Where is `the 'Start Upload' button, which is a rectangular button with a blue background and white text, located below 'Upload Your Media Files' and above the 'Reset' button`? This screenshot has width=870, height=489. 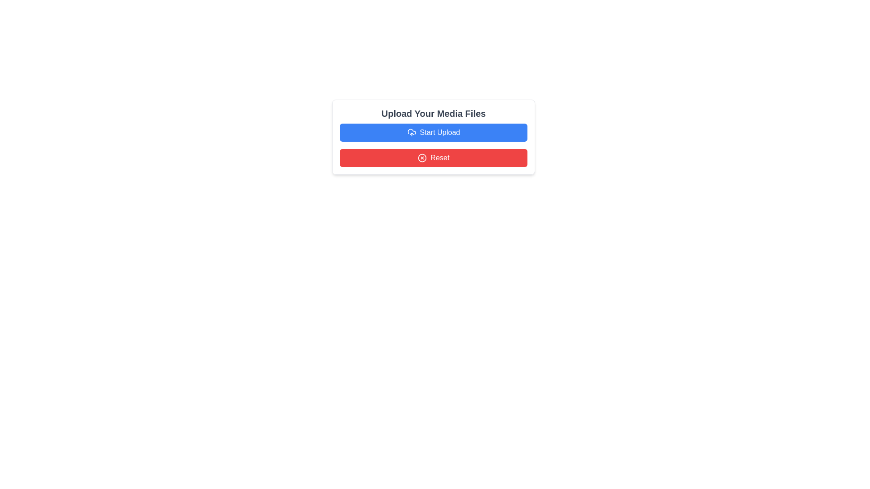 the 'Start Upload' button, which is a rectangular button with a blue background and white text, located below 'Upload Your Media Files' and above the 'Reset' button is located at coordinates (433, 133).